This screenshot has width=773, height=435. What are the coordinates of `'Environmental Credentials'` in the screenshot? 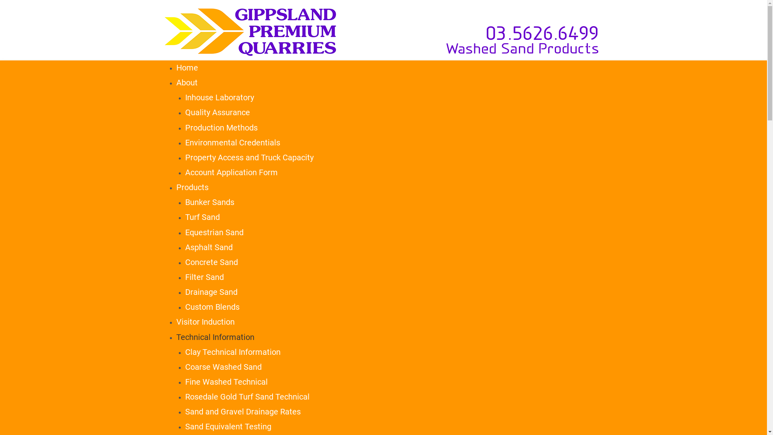 It's located at (232, 142).